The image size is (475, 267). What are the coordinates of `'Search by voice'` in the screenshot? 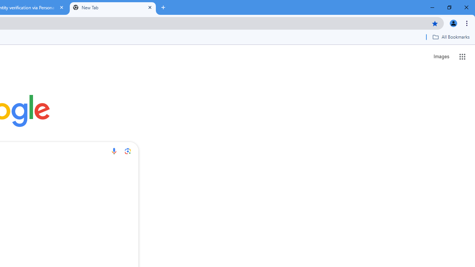 It's located at (114, 151).